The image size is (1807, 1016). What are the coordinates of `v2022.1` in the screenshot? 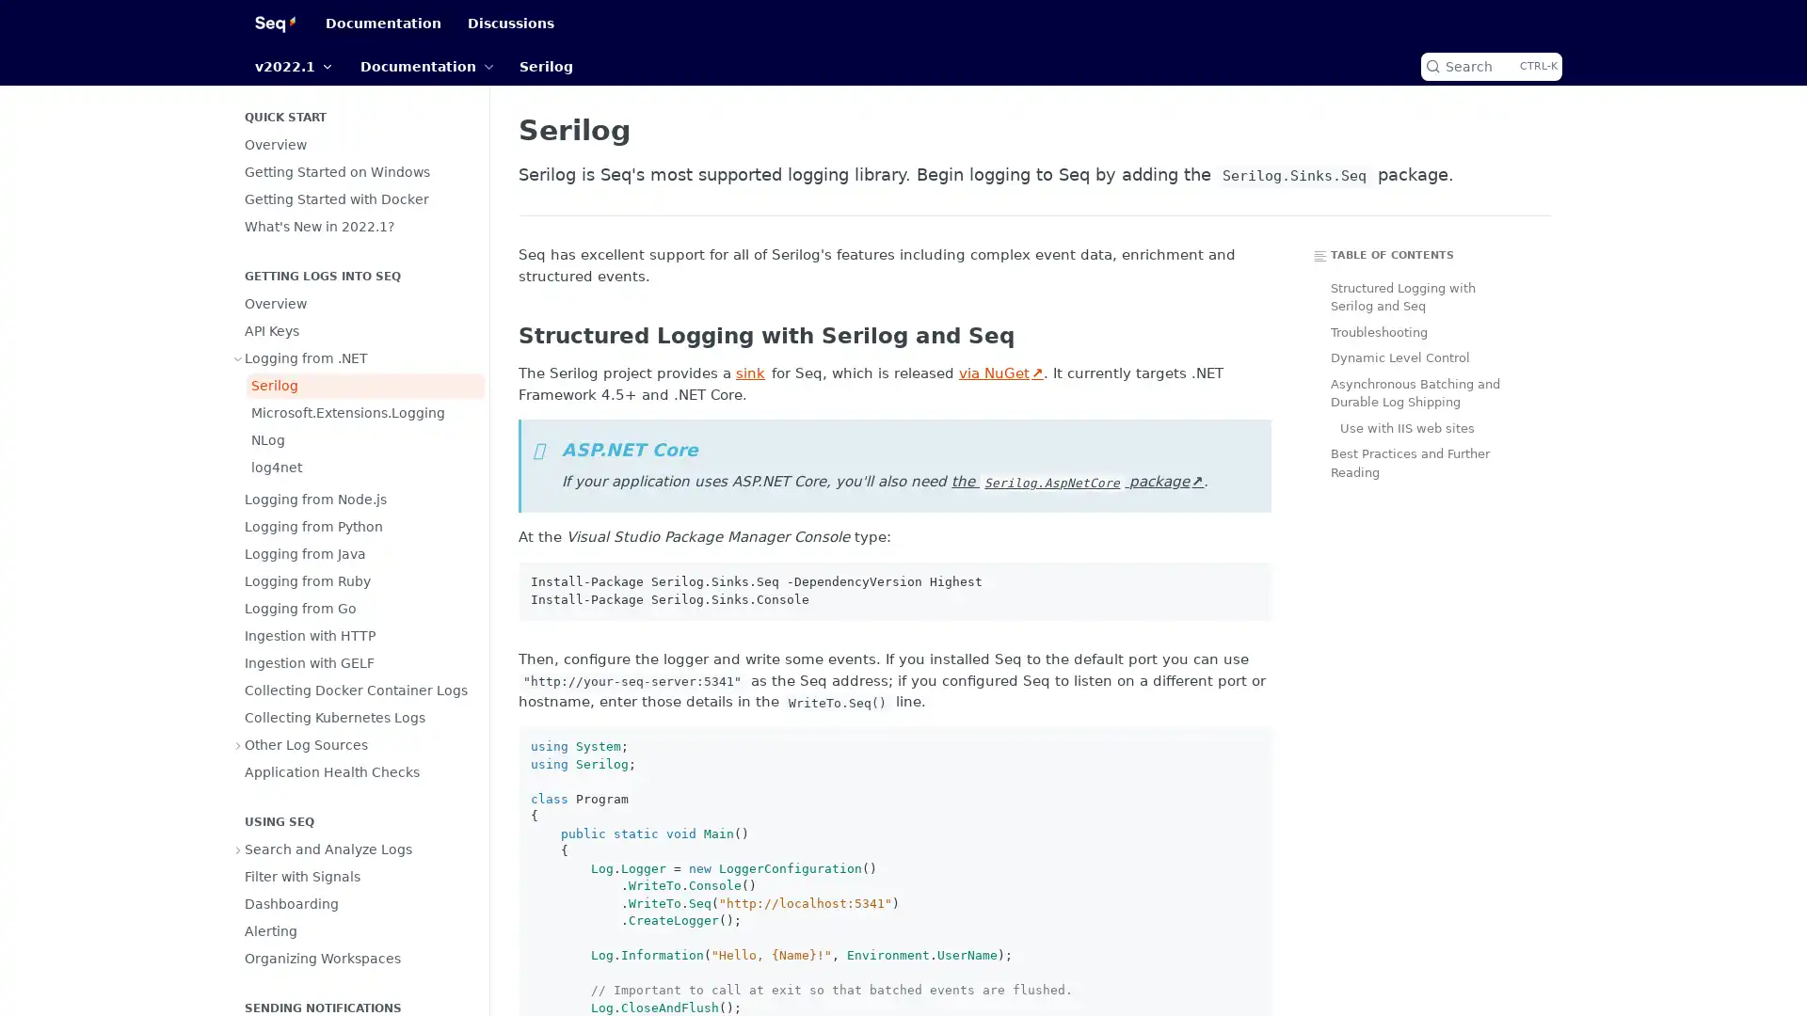 It's located at (293, 65).